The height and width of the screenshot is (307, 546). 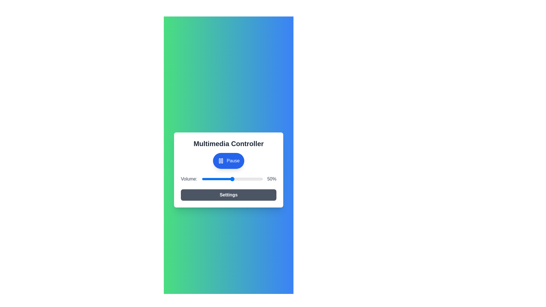 I want to click on the volume, so click(x=255, y=179).